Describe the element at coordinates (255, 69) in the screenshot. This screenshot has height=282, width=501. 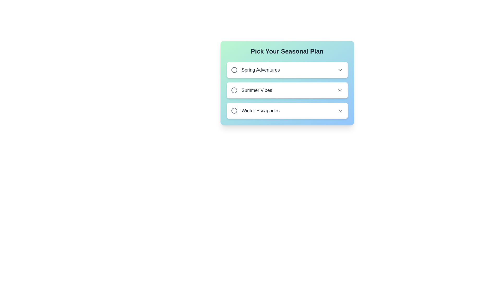
I see `the list item containing the text 'Spring Adventures'` at that location.